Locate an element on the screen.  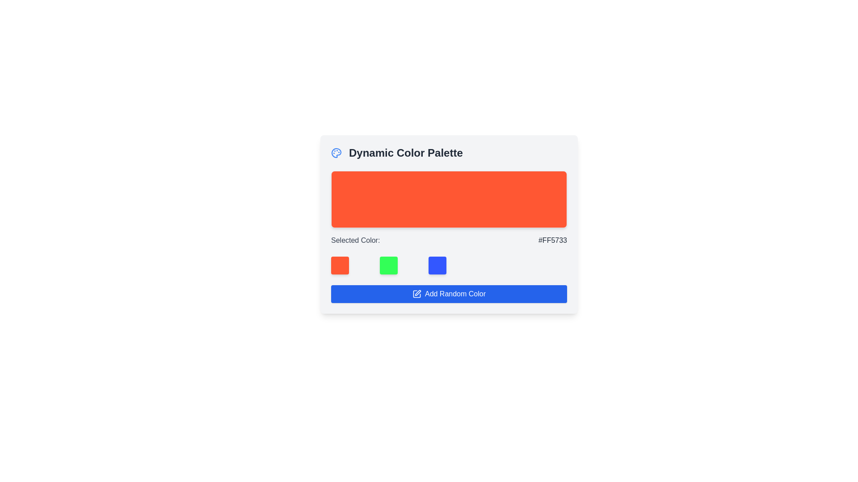
the Label with the blue palette icon and the text 'Dynamic Color Palette' located at the top of the card layout is located at coordinates (449, 153).